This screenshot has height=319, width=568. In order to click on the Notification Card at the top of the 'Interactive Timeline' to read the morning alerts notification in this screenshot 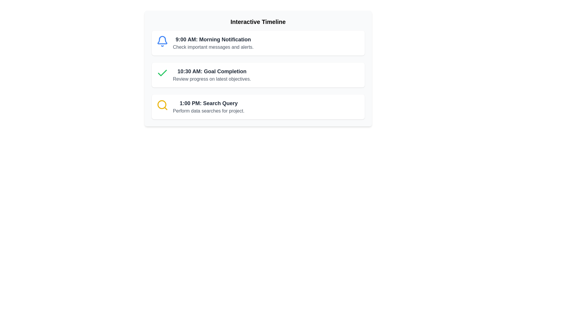, I will do `click(258, 43)`.